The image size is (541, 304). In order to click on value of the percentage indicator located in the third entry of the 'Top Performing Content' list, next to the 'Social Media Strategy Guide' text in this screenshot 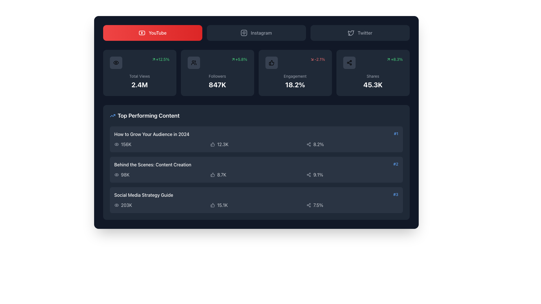, I will do `click(318, 144)`.